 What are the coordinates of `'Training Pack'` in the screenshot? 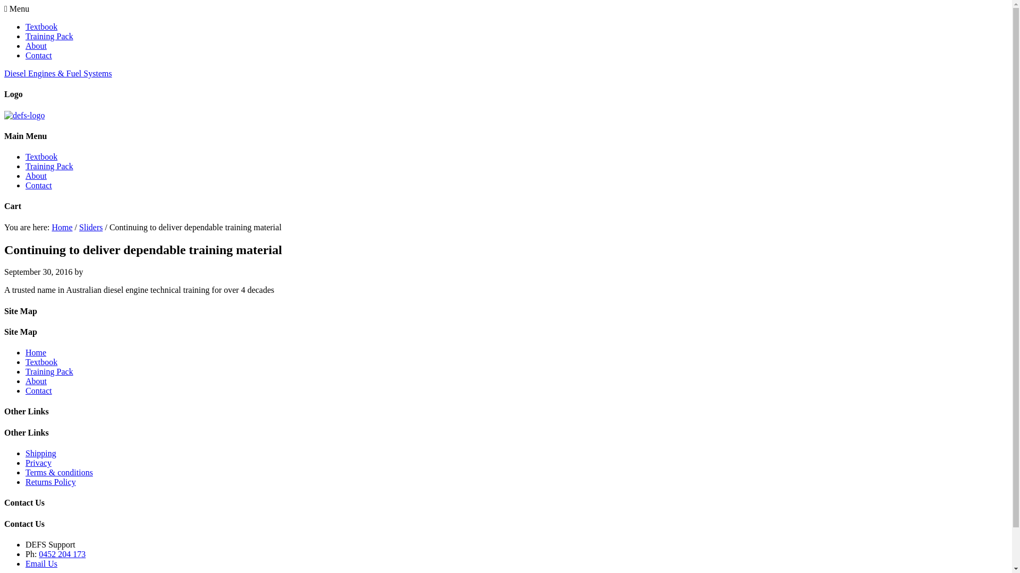 It's located at (48, 36).